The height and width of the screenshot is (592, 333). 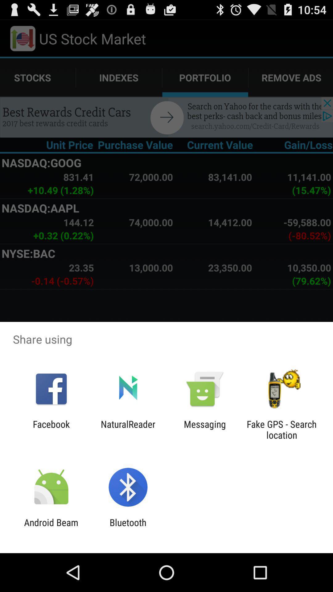 What do you see at coordinates (205, 429) in the screenshot?
I see `the messaging item` at bounding box center [205, 429].